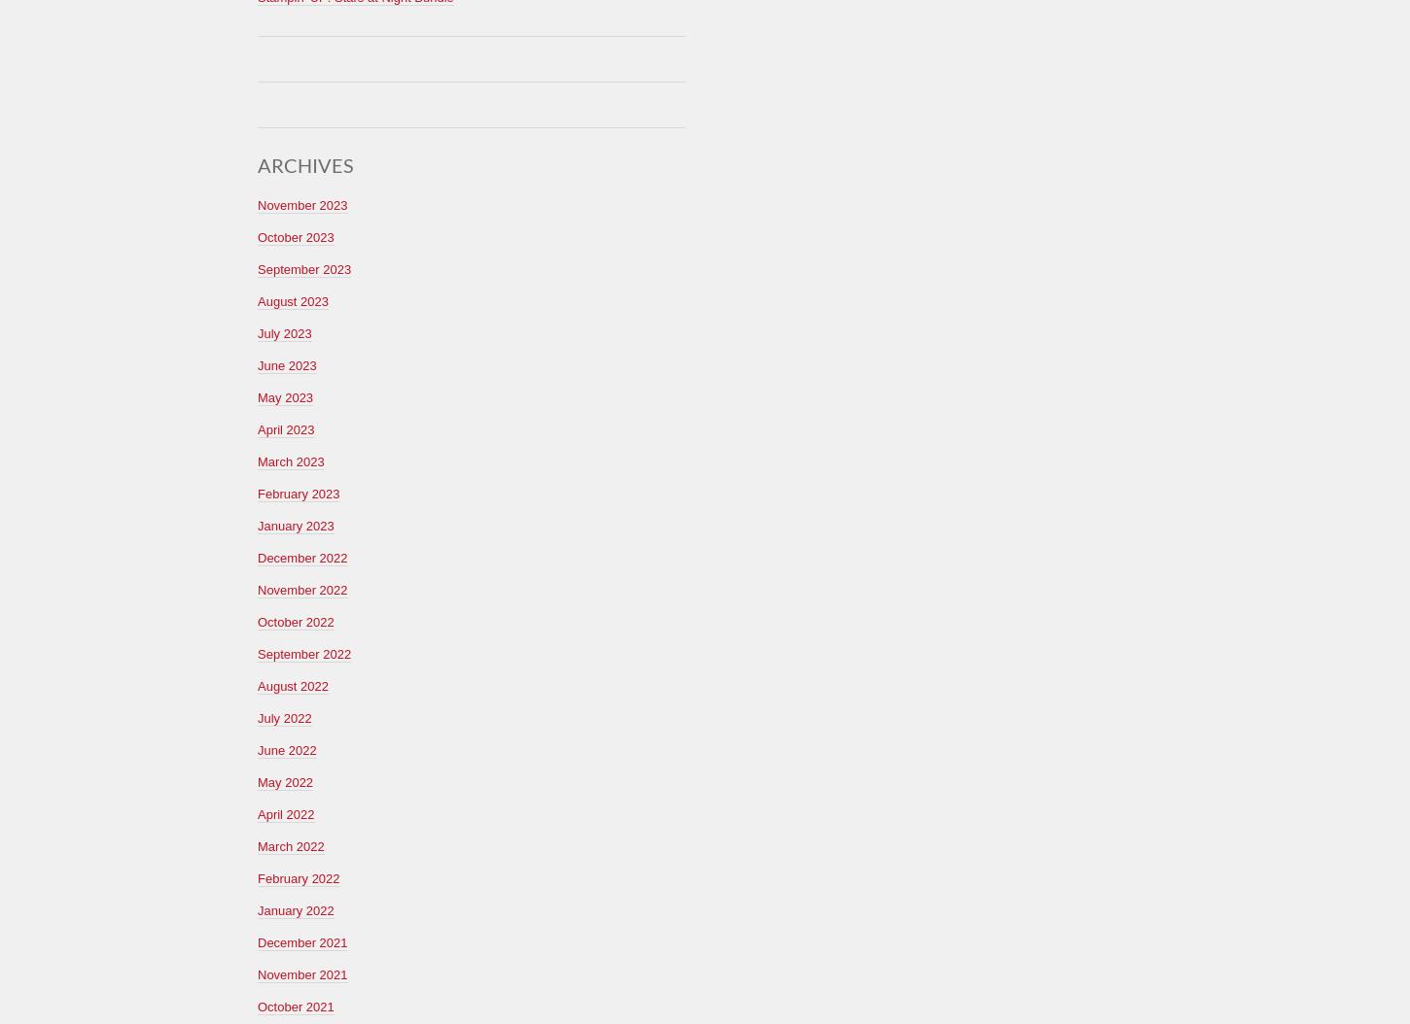  What do you see at coordinates (304, 267) in the screenshot?
I see `'September 2023'` at bounding box center [304, 267].